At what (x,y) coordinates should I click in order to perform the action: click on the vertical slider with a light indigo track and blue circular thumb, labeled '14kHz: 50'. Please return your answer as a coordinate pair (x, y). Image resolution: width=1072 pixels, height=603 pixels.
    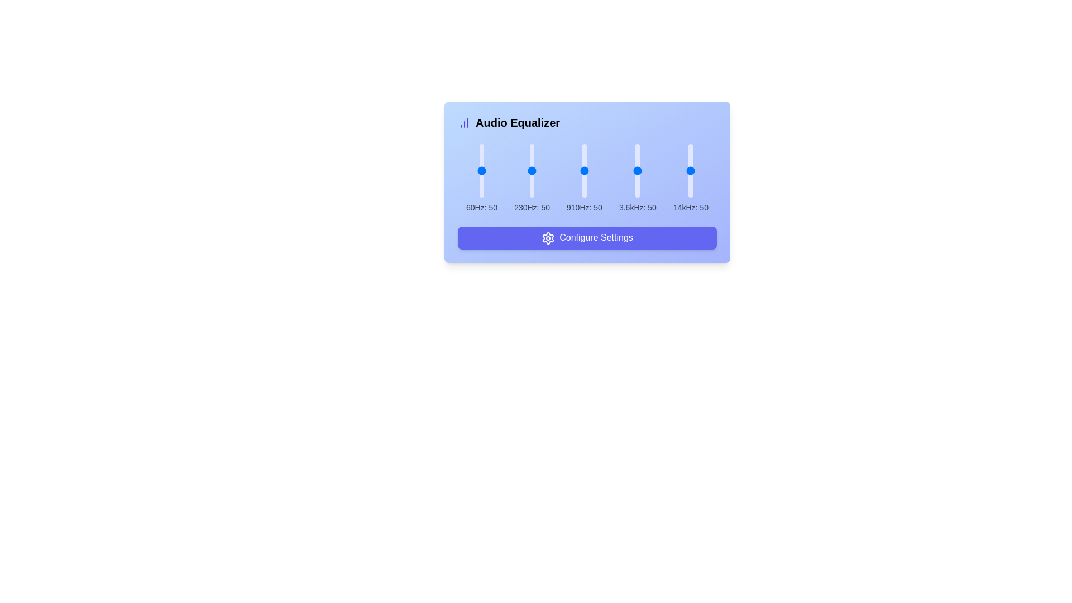
    Looking at the image, I should click on (690, 170).